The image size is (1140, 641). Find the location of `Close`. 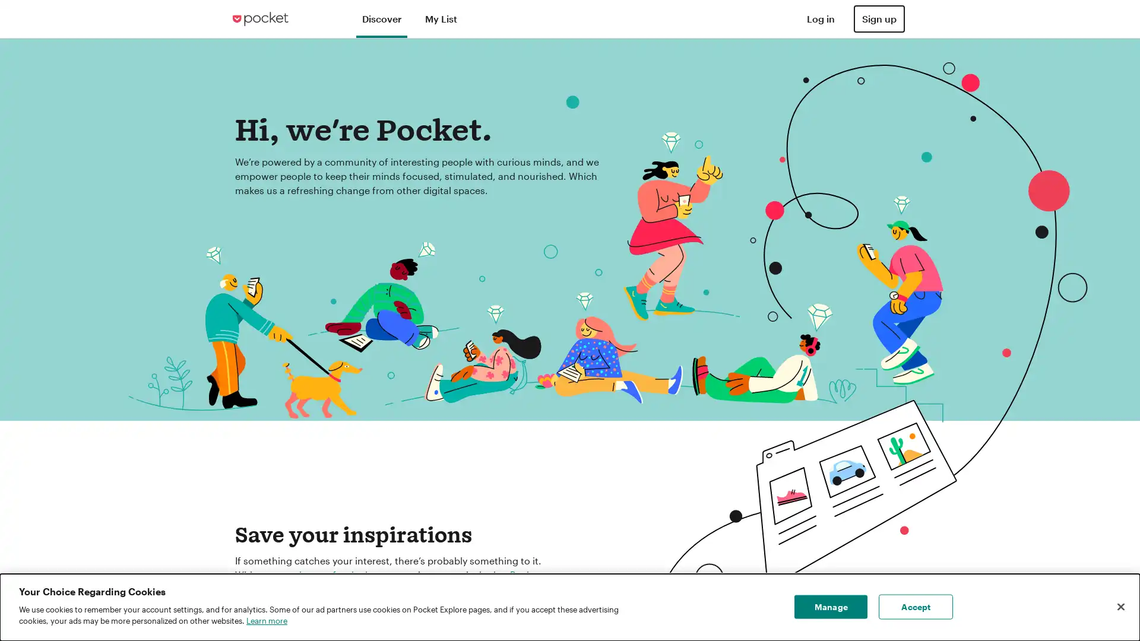

Close is located at coordinates (1120, 607).